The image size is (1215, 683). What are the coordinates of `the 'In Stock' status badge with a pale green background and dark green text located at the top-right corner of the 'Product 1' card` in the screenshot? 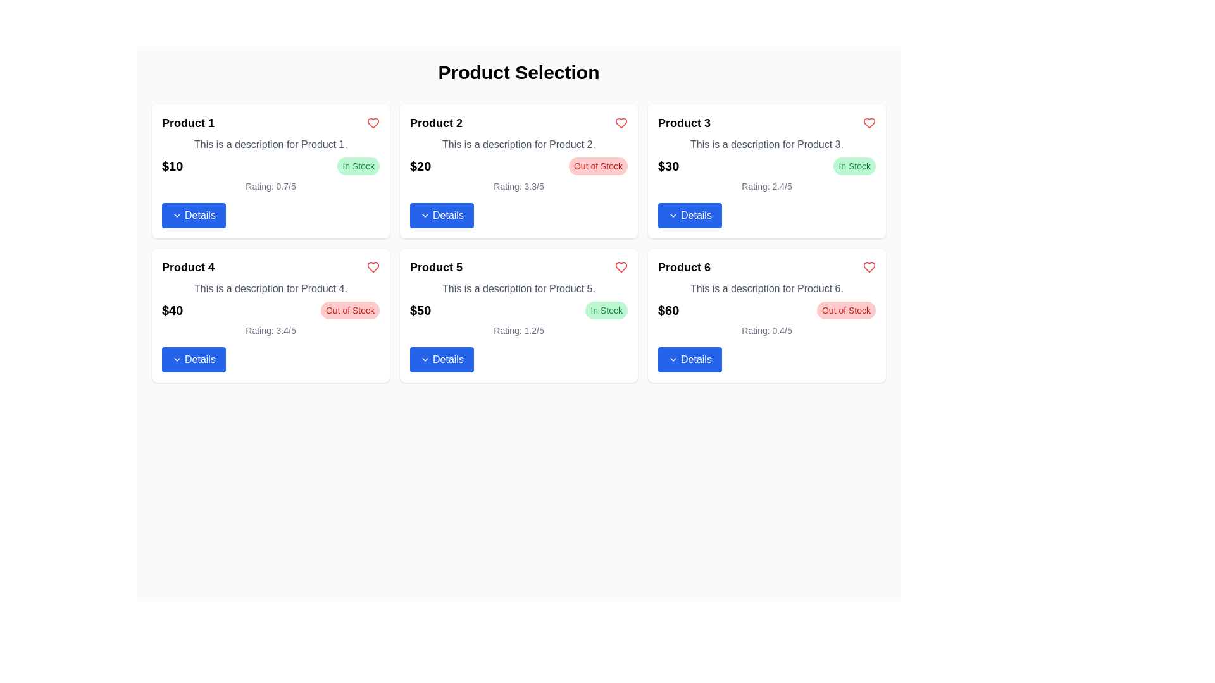 It's located at (358, 165).